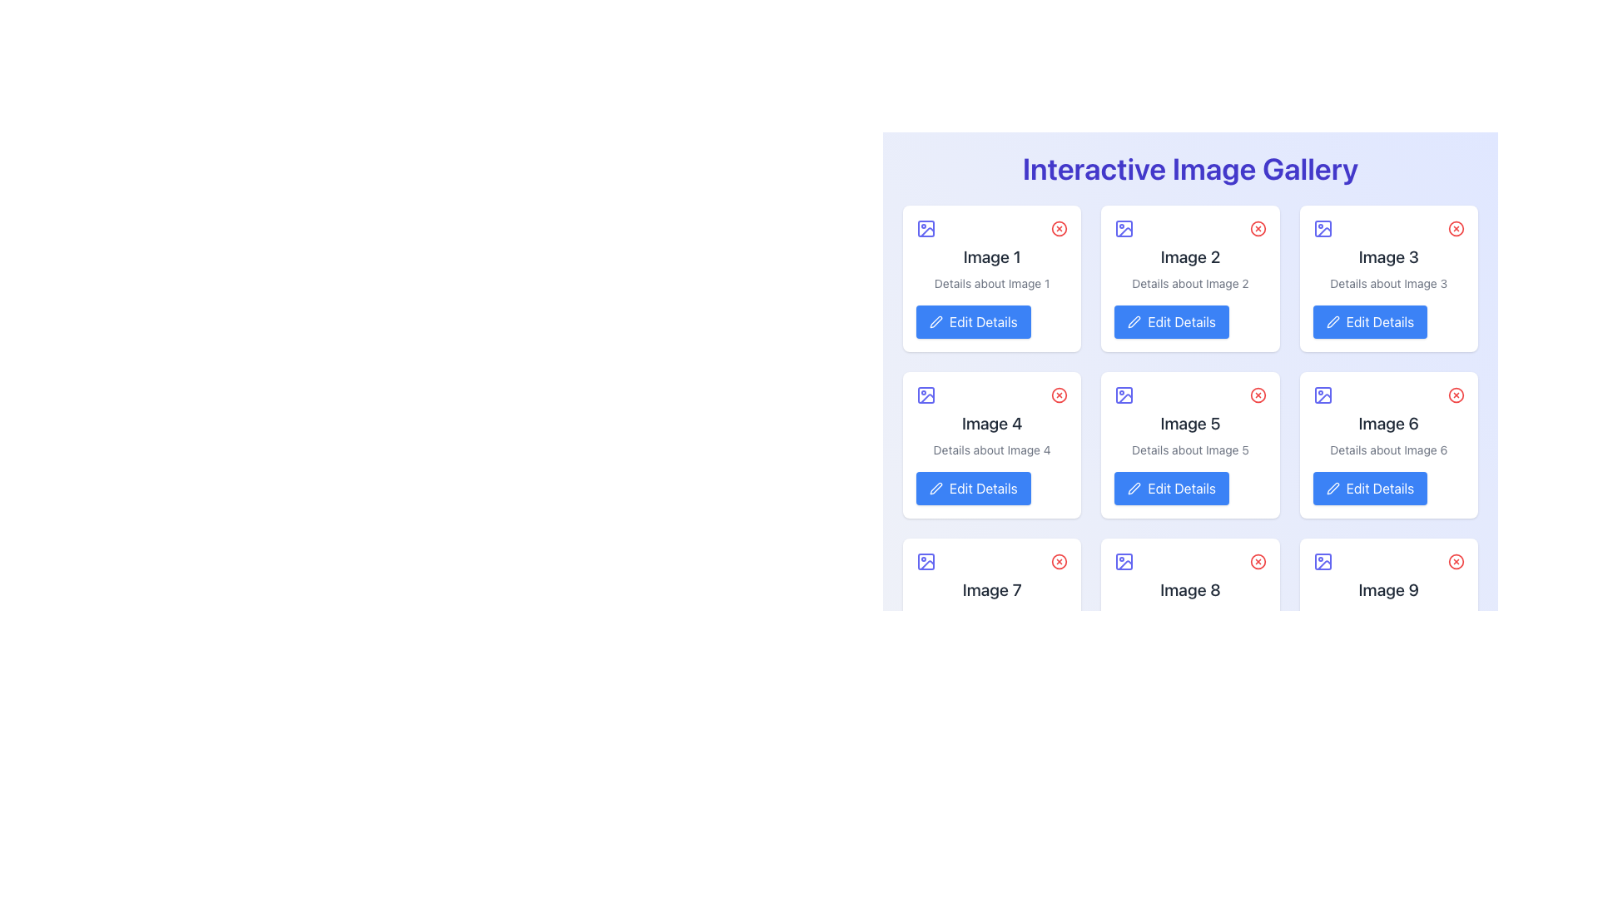 The image size is (1598, 899). Describe the element at coordinates (1171, 487) in the screenshot. I see `the 'Edit Details' button` at that location.